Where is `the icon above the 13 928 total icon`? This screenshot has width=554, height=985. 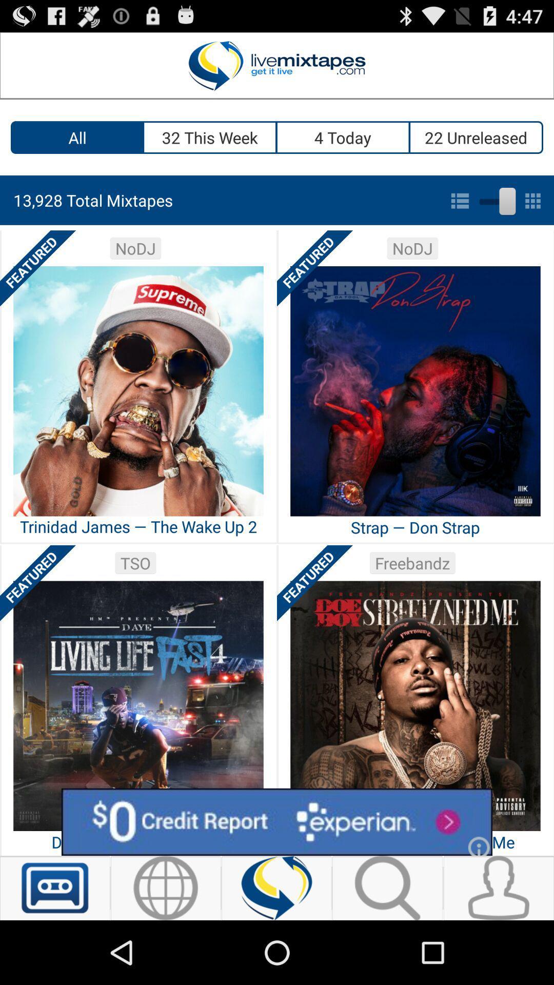
the icon above the 13 928 total icon is located at coordinates (477, 137).